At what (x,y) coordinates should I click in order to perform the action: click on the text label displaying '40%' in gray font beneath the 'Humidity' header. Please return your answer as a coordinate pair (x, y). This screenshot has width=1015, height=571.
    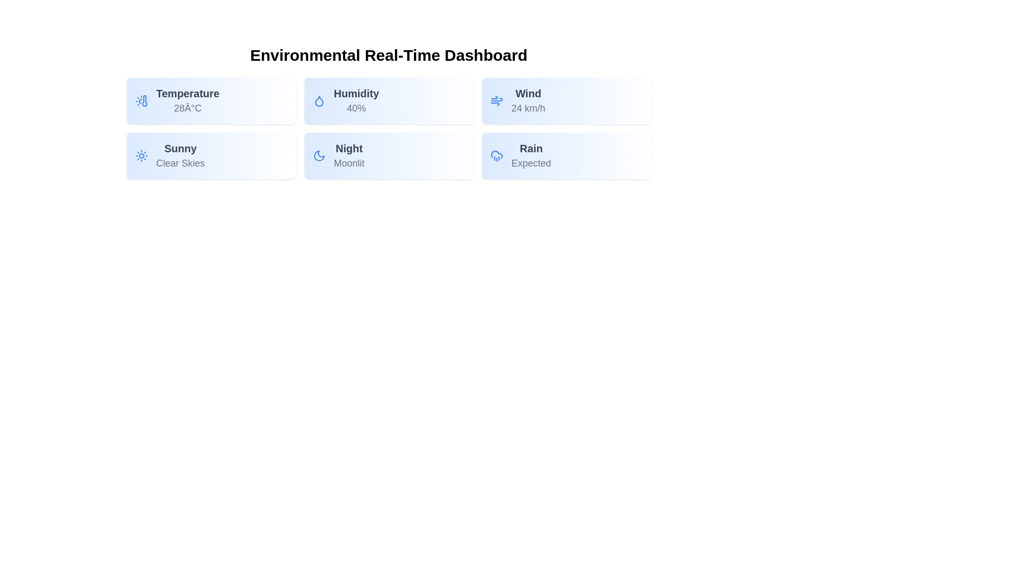
    Looking at the image, I should click on (356, 108).